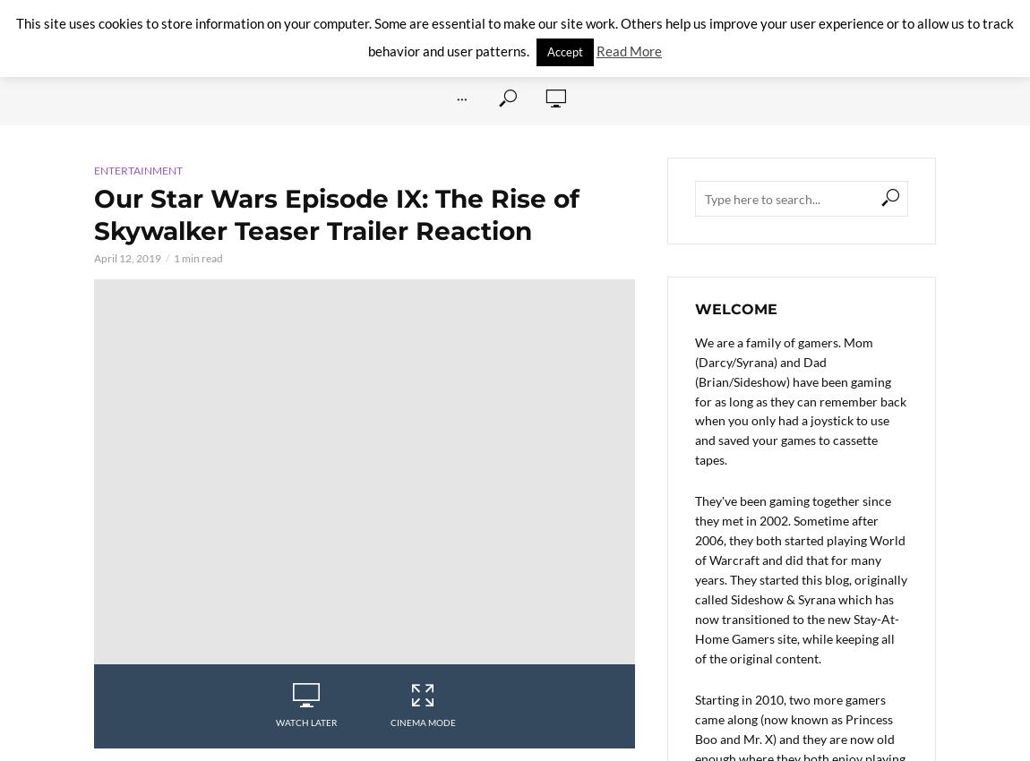 Image resolution: width=1030 pixels, height=761 pixels. Describe the element at coordinates (92, 257) in the screenshot. I see `'April 12, 2019'` at that location.